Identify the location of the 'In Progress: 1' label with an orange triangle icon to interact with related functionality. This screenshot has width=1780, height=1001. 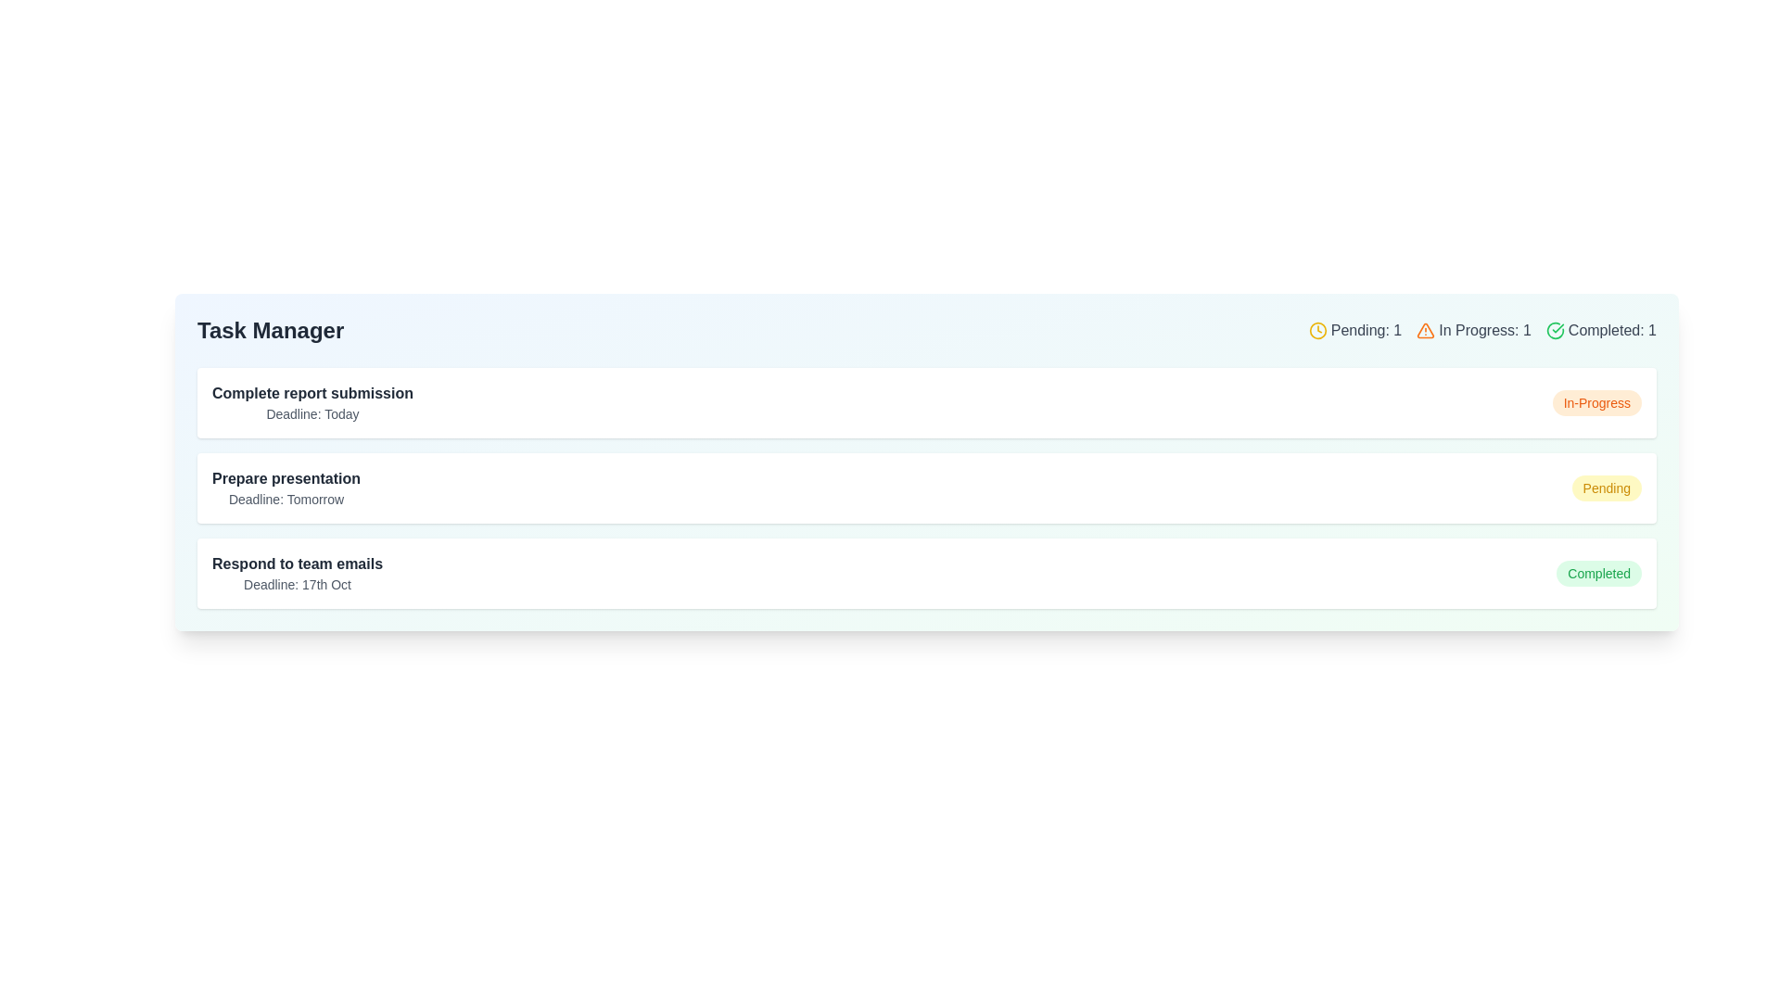
(1472, 330).